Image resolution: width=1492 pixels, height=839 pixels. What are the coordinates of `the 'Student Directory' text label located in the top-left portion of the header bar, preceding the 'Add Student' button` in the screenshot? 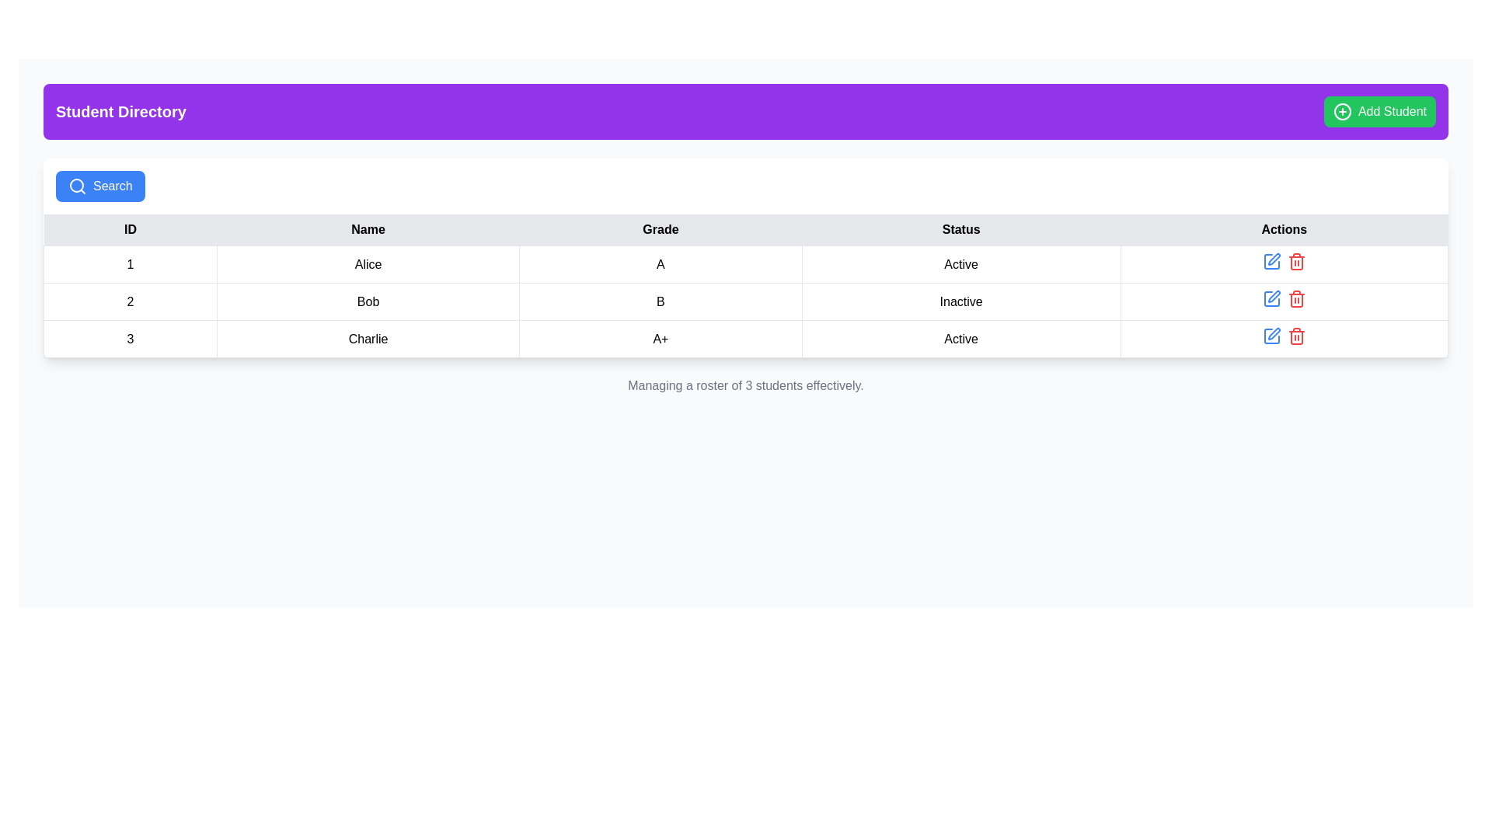 It's located at (120, 110).